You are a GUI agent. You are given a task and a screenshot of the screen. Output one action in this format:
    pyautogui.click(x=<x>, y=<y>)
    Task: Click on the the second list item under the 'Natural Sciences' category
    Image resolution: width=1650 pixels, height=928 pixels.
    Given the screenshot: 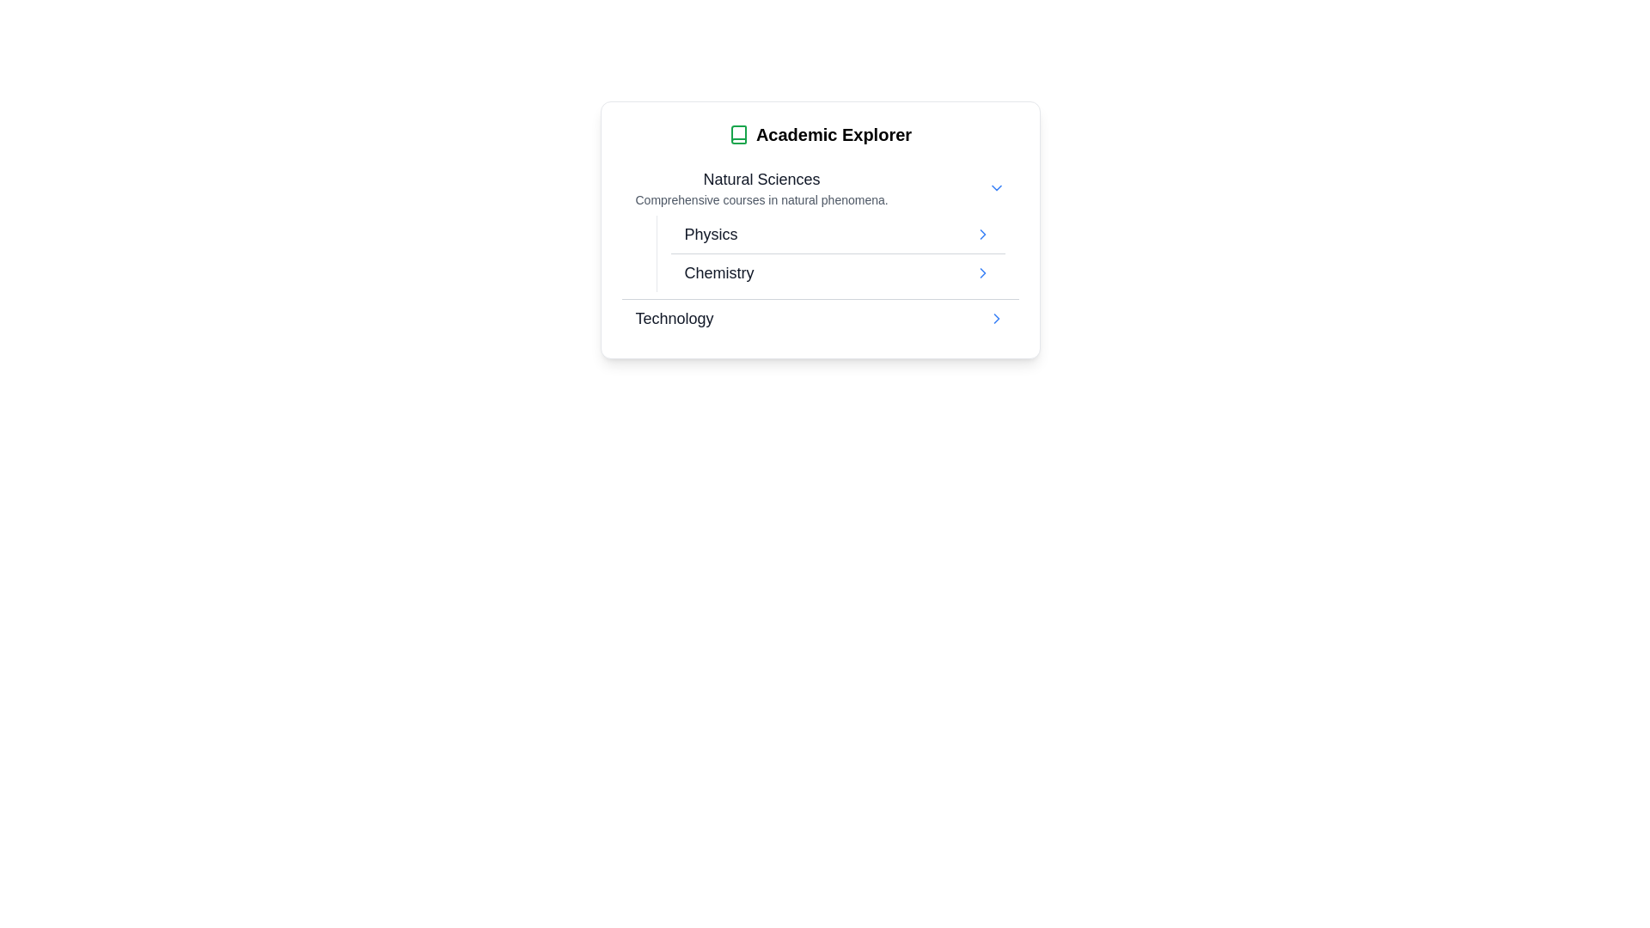 What is the action you would take?
    pyautogui.click(x=837, y=272)
    